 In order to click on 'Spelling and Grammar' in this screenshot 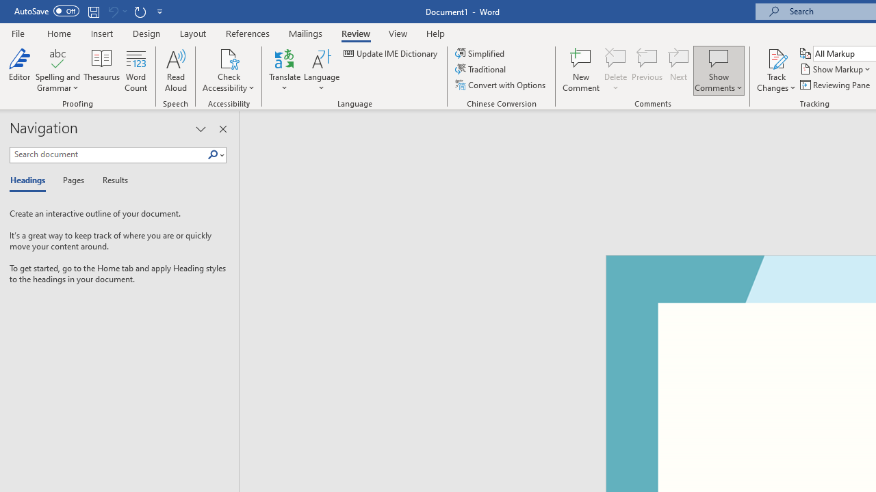, I will do `click(57, 57)`.